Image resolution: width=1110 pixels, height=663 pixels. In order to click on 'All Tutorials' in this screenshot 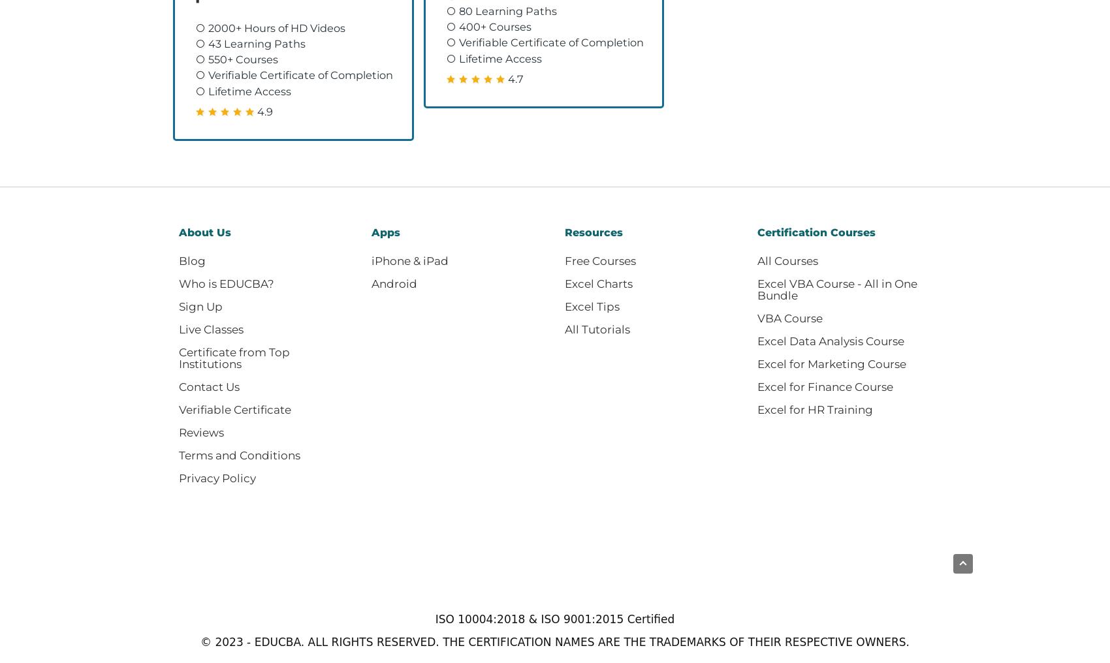, I will do `click(563, 329)`.